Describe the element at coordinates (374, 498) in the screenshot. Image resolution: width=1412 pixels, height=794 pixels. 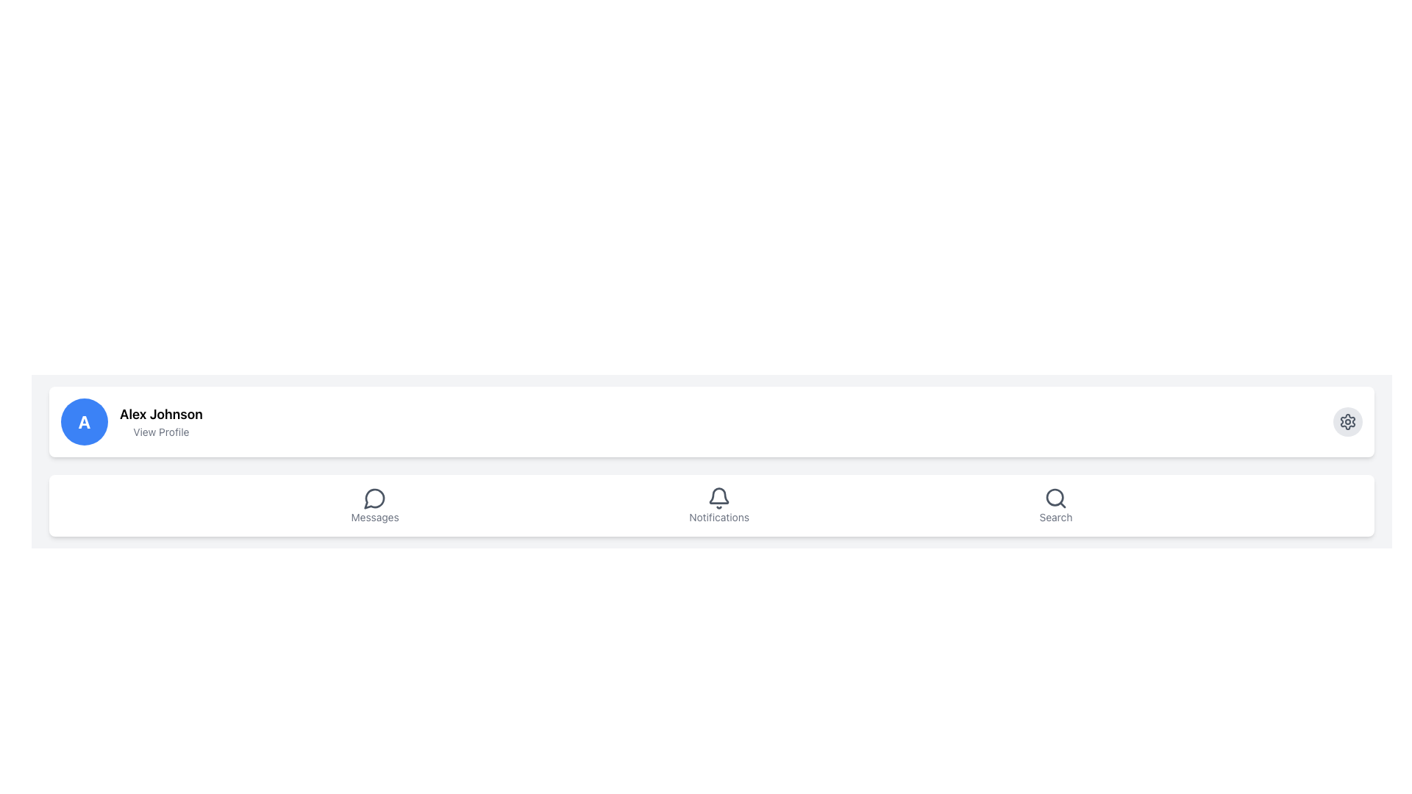
I see `the internal detail of the speech bubble icon associated with the 'Messages' label, located in the bottom navigation bar` at that location.